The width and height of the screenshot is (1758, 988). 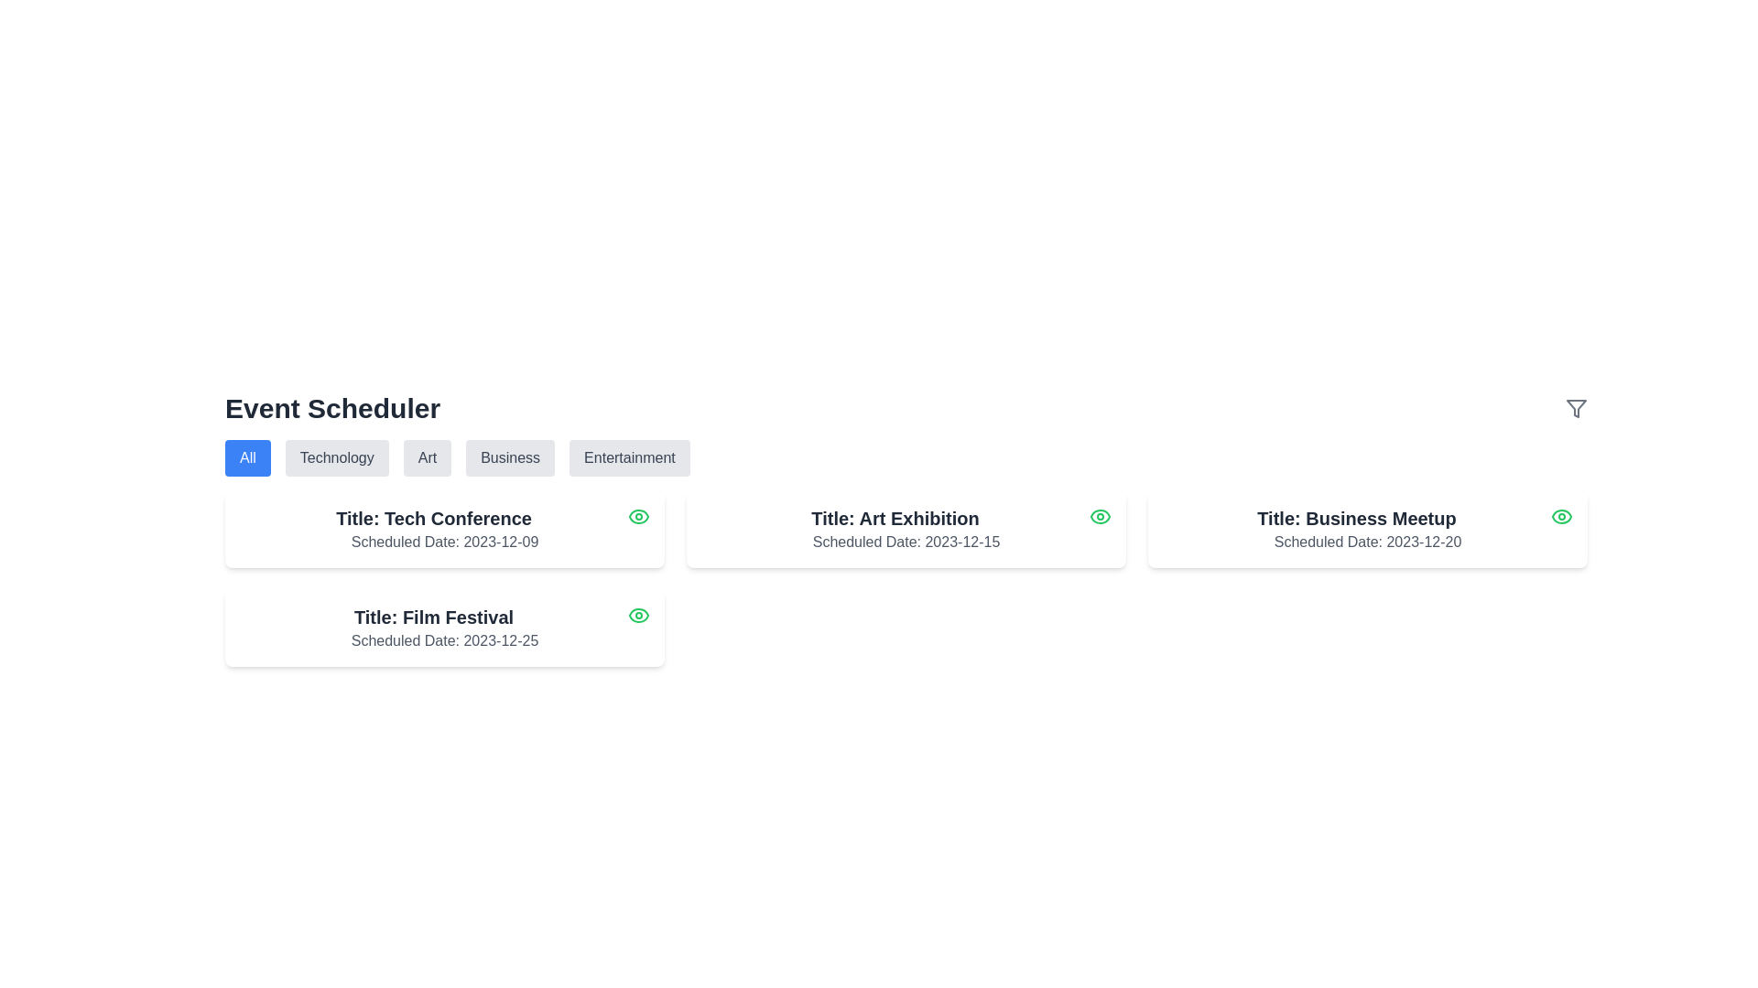 I want to click on the visibility action indicator icon located at the top-right corner of the 'Film Festival' card with the scheduled date '2023-12-25', so click(x=638, y=615).